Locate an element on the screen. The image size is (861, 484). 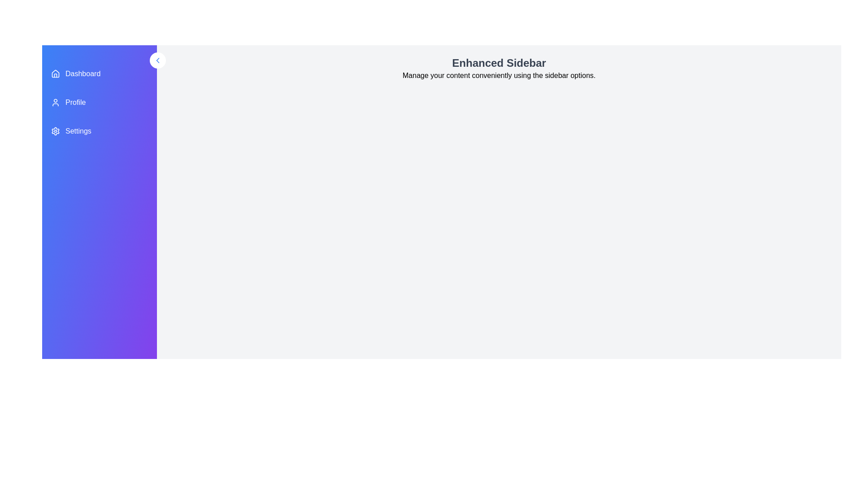
the menu item labeled Profile is located at coordinates (99, 102).